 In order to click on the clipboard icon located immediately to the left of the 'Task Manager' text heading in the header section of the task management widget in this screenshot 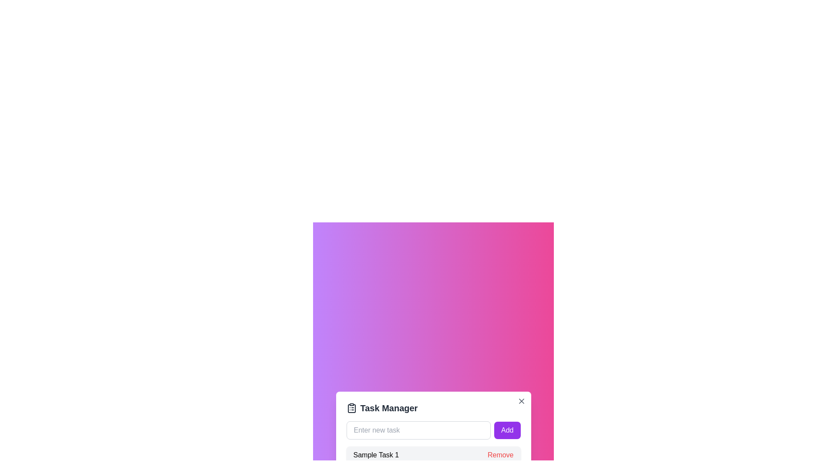, I will do `click(351, 408)`.